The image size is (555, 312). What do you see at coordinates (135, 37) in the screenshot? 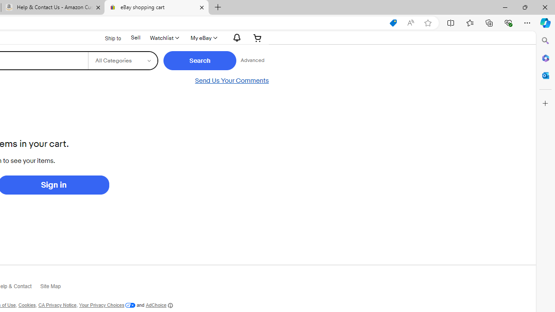
I see `'Sell'` at bounding box center [135, 37].